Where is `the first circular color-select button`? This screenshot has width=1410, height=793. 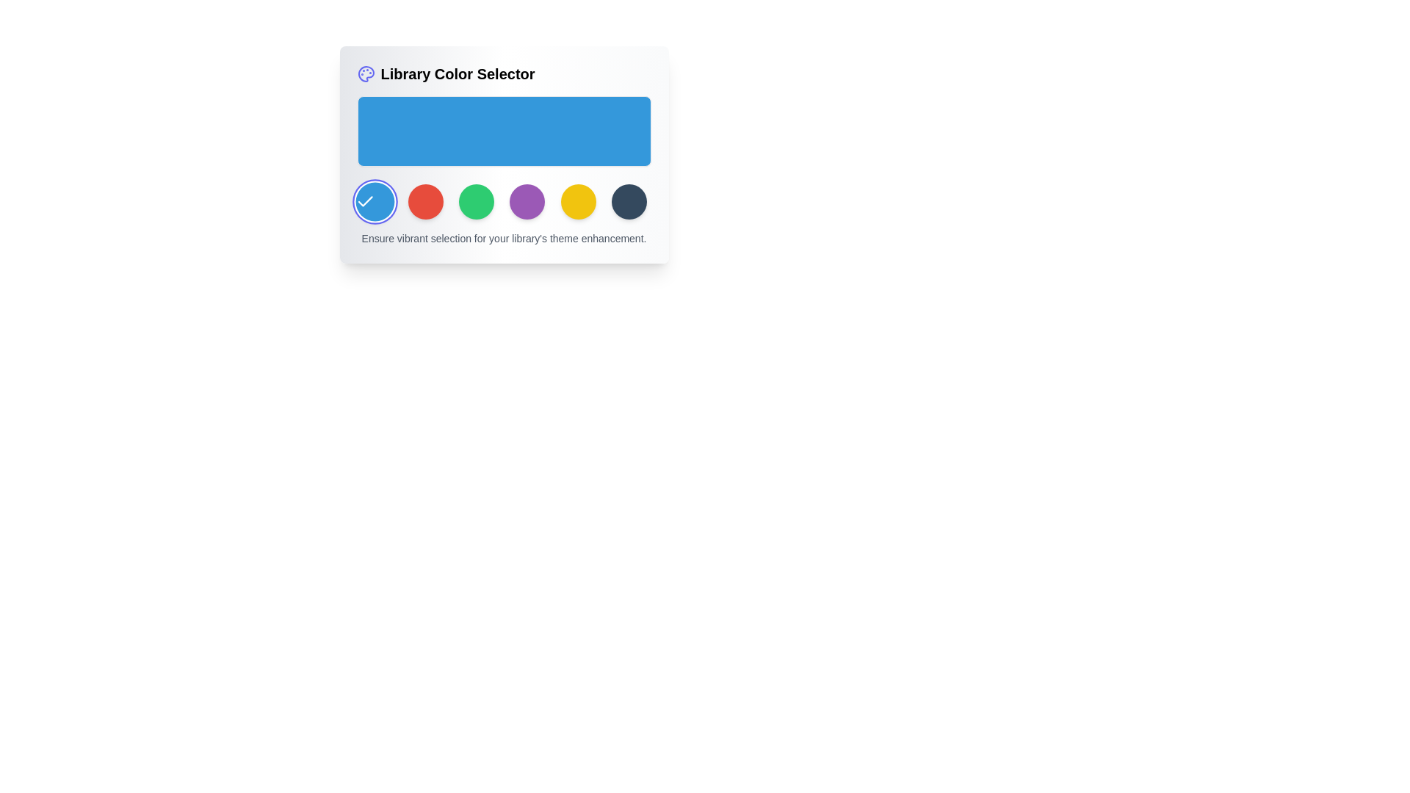
the first circular color-select button is located at coordinates (365, 200).